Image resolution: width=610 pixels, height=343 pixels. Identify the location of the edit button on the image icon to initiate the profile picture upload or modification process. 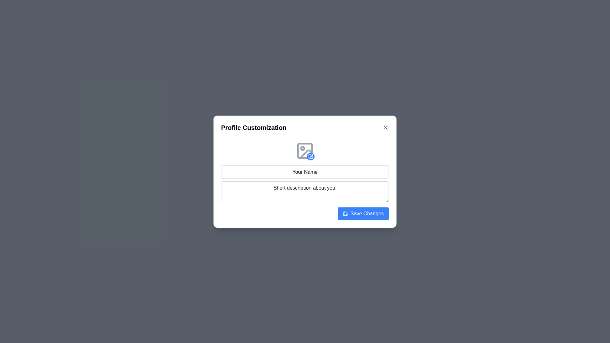
(311, 156).